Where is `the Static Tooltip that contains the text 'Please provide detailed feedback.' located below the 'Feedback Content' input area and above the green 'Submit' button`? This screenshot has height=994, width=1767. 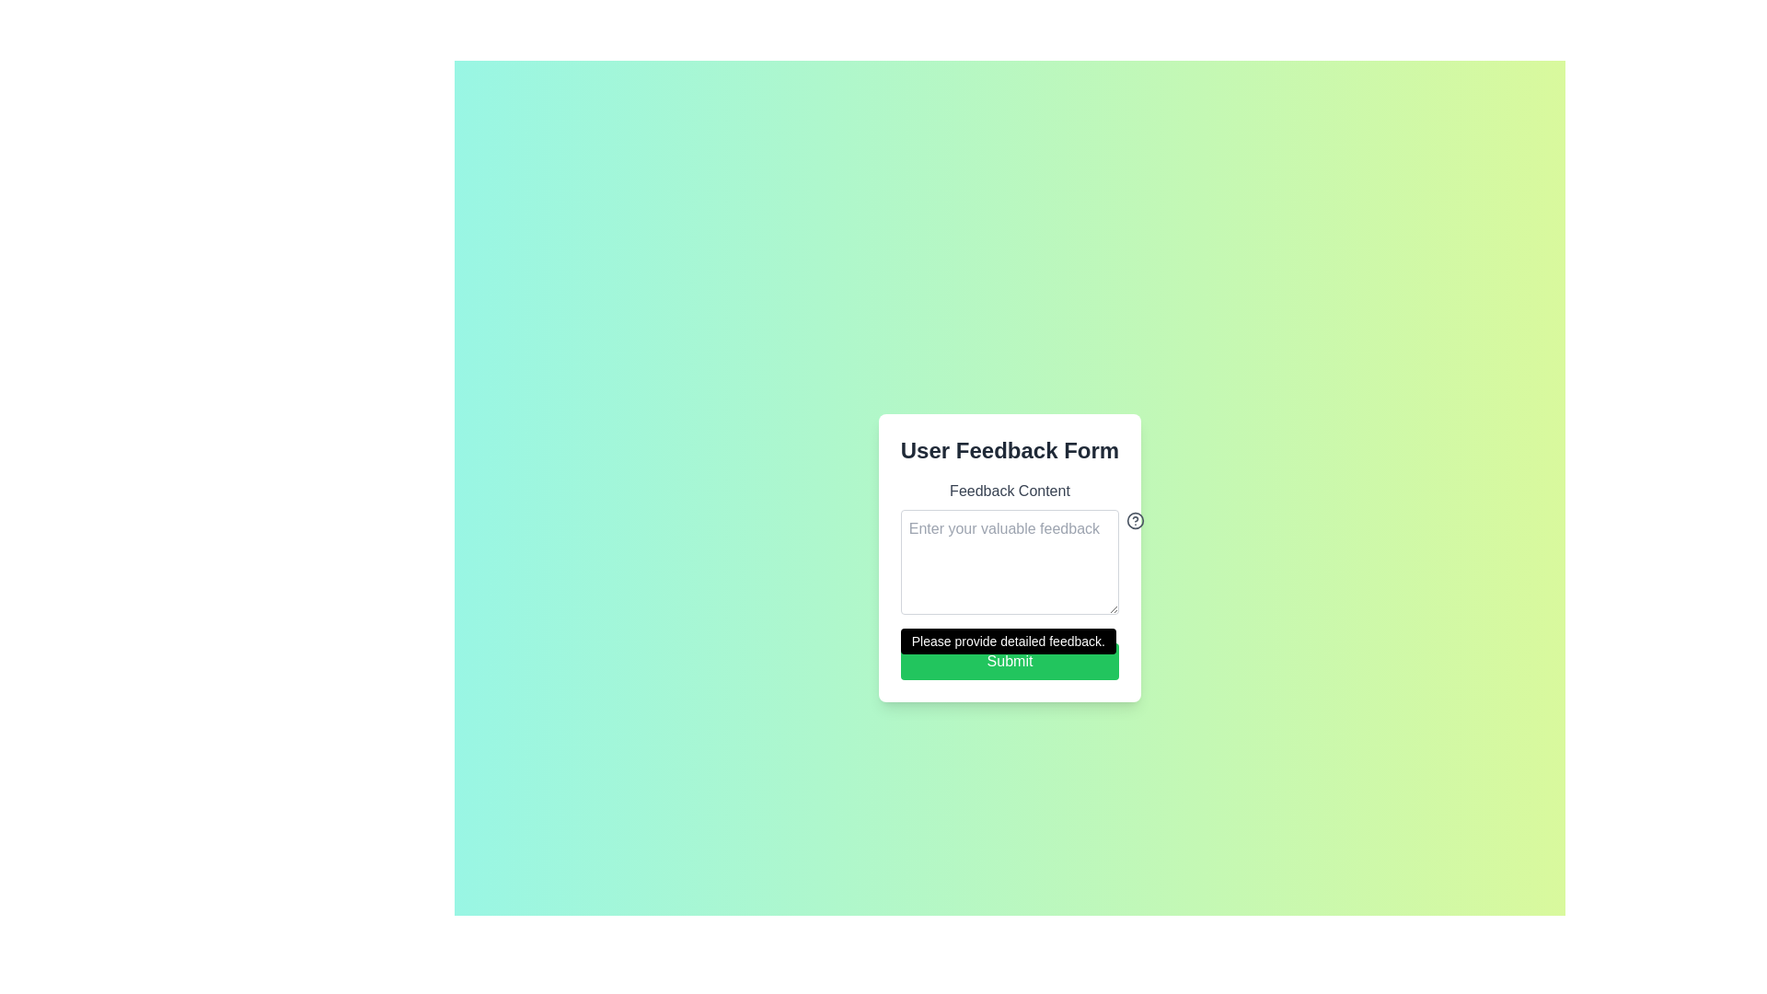
the Static Tooltip that contains the text 'Please provide detailed feedback.' located below the 'Feedback Content' input area and above the green 'Submit' button is located at coordinates (1007, 640).